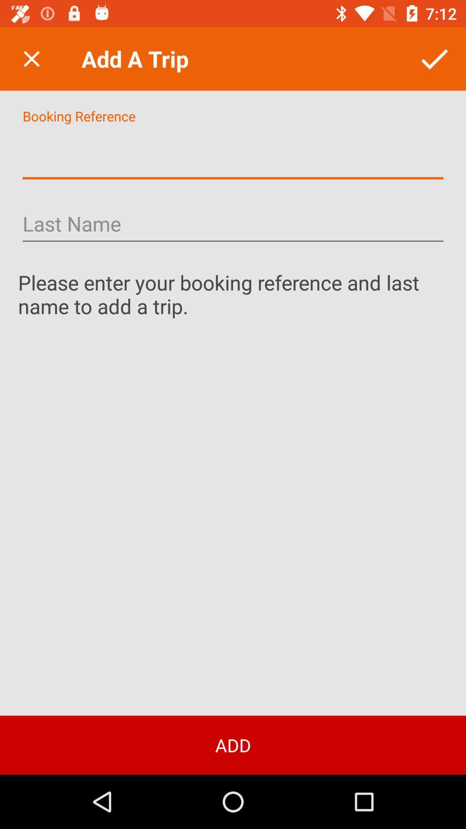  What do you see at coordinates (233, 154) in the screenshot?
I see `advertisement` at bounding box center [233, 154].